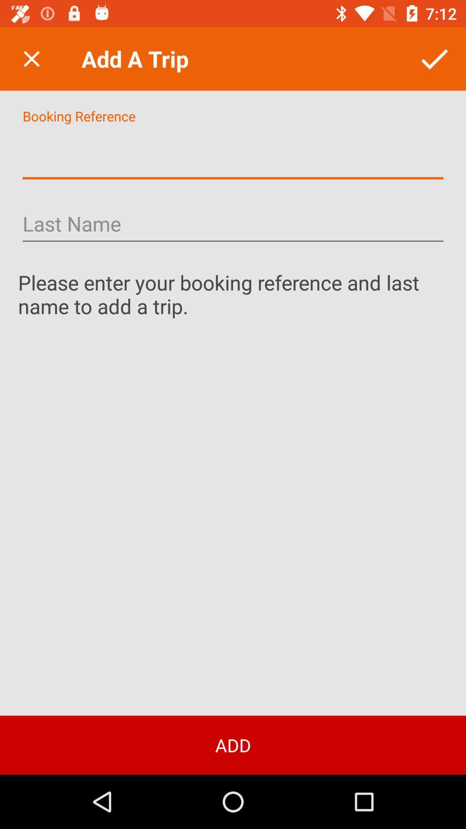  What do you see at coordinates (233, 154) in the screenshot?
I see `advertisement` at bounding box center [233, 154].